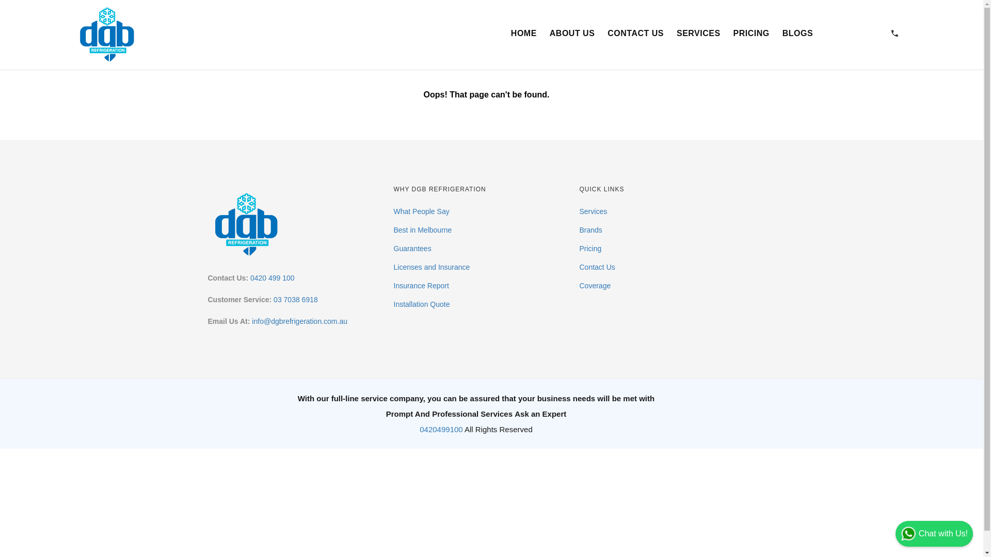 The image size is (991, 557). What do you see at coordinates (421, 286) in the screenshot?
I see `'Insurance Report'` at bounding box center [421, 286].